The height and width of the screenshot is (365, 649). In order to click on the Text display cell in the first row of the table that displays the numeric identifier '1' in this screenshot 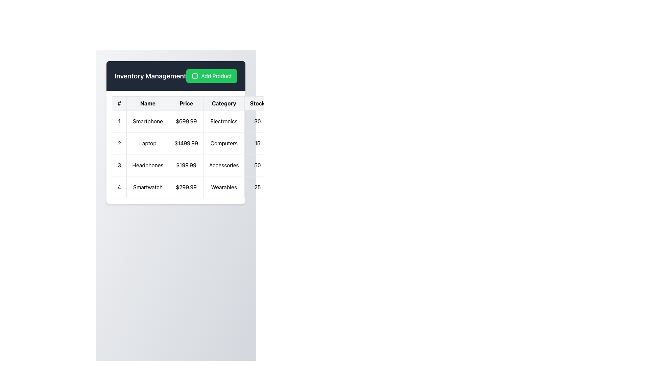, I will do `click(119, 121)`.